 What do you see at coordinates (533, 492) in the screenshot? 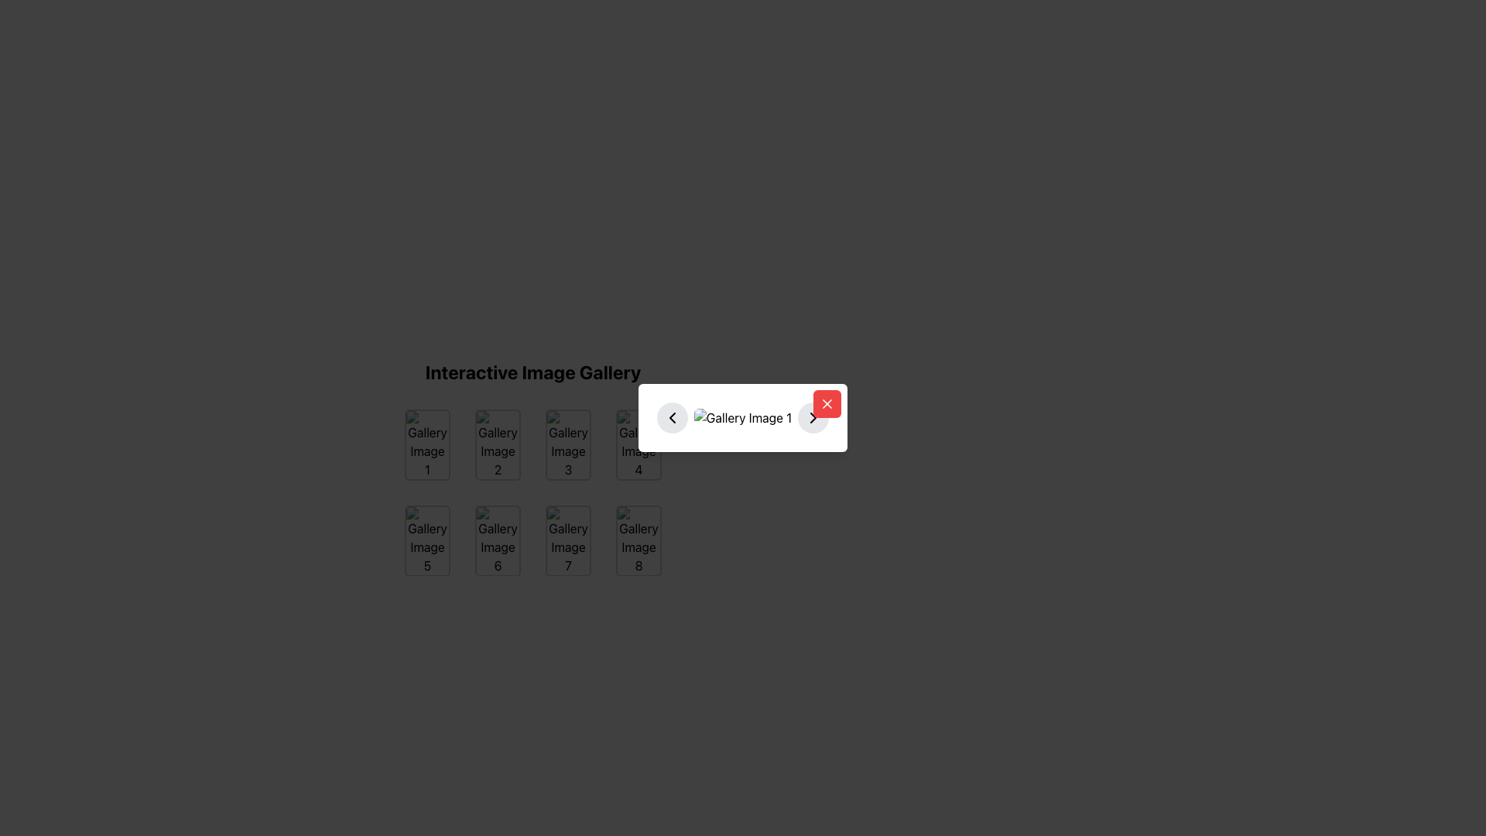
I see `an individual cell within the 'Interactive Image Gallery' grid layout to interact with its content` at bounding box center [533, 492].